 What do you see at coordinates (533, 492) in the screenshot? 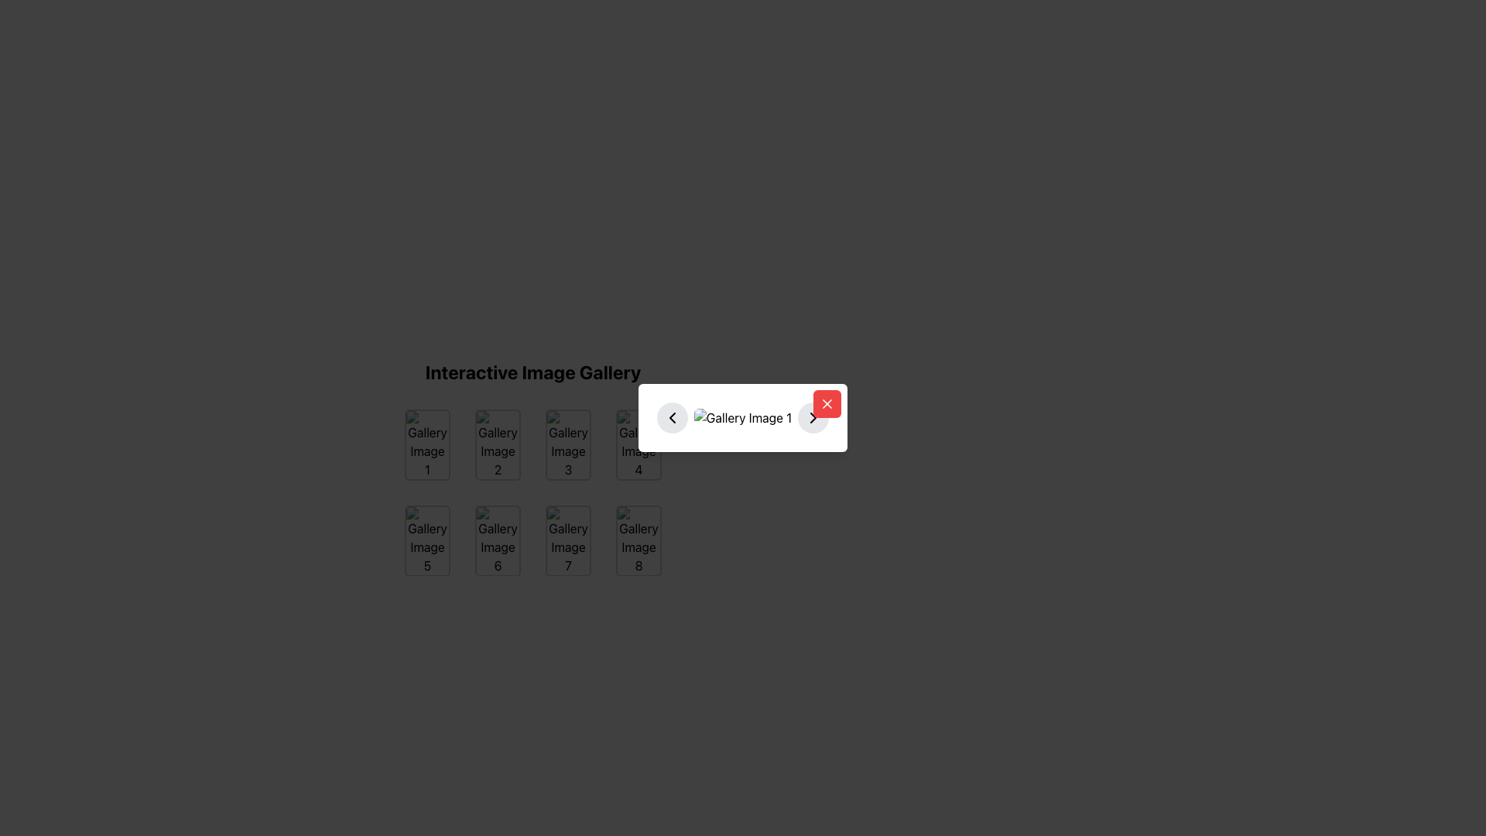
I see `an individual cell within the 'Interactive Image Gallery' grid layout to interact with its content` at bounding box center [533, 492].